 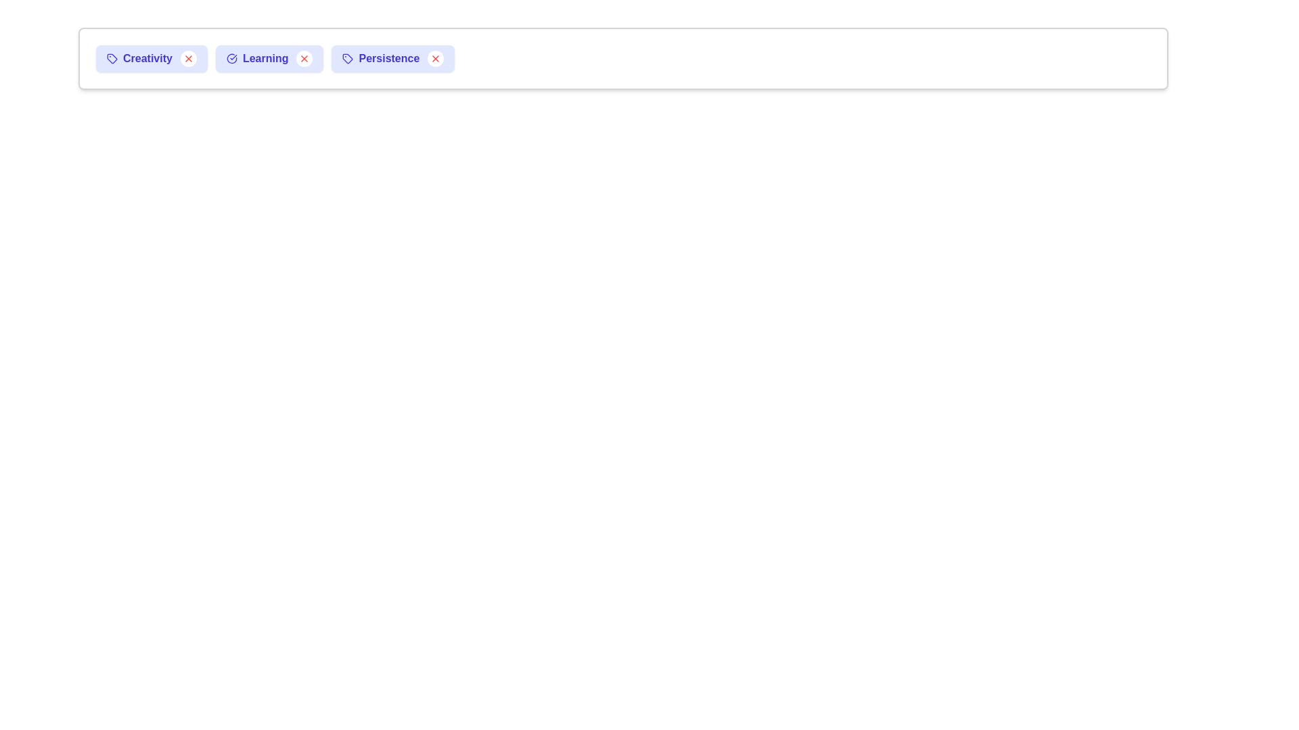 I want to click on the remove button for the chip labeled Learning, so click(x=304, y=58).